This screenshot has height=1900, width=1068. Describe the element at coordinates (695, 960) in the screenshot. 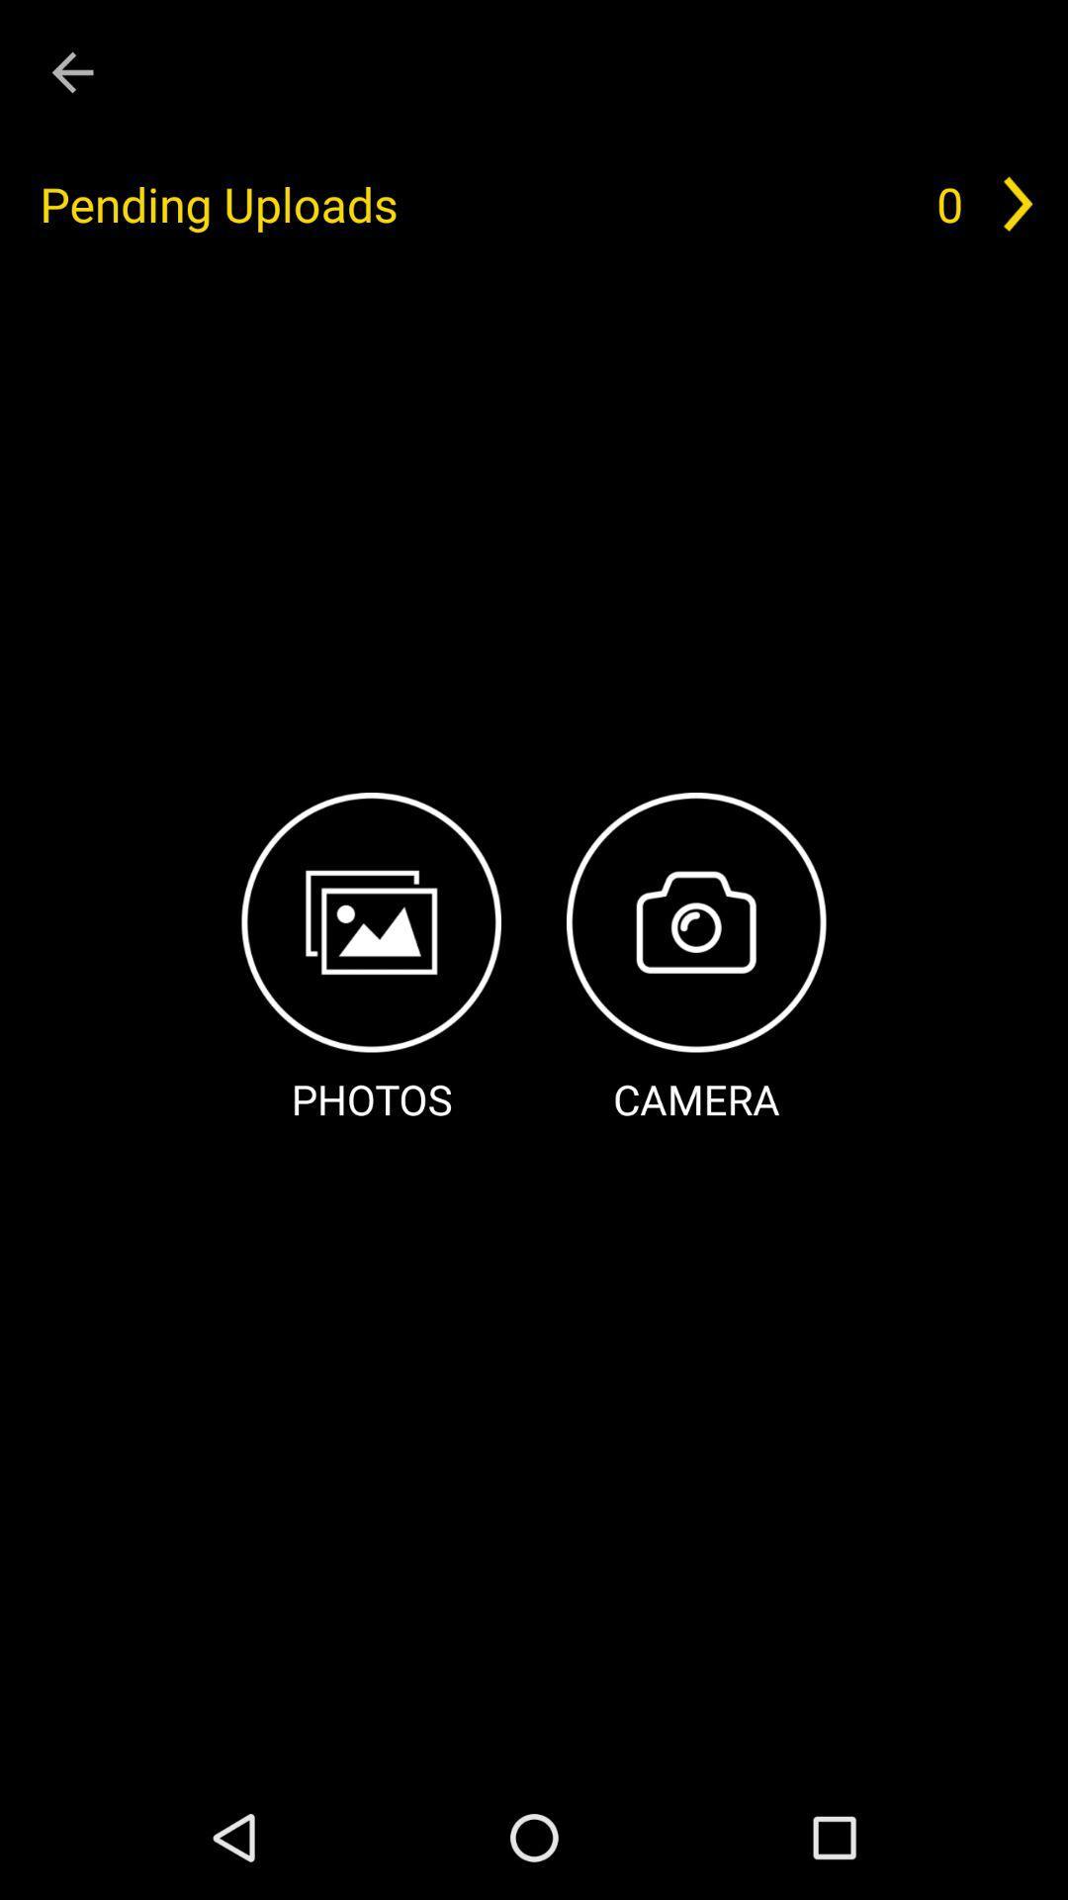

I see `the icon next to photos icon` at that location.